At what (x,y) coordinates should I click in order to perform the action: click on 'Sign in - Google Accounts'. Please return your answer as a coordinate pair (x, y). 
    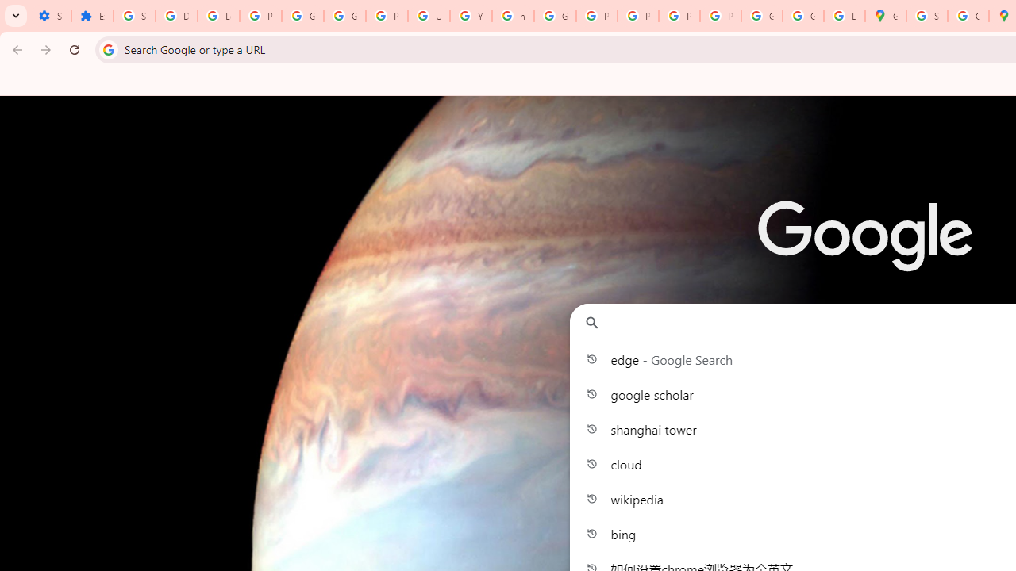
    Looking at the image, I should click on (927, 16).